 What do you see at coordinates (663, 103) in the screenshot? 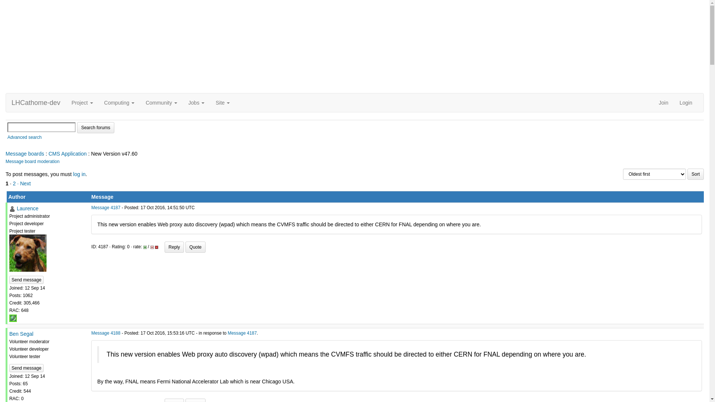
I see `'Join'` at bounding box center [663, 103].